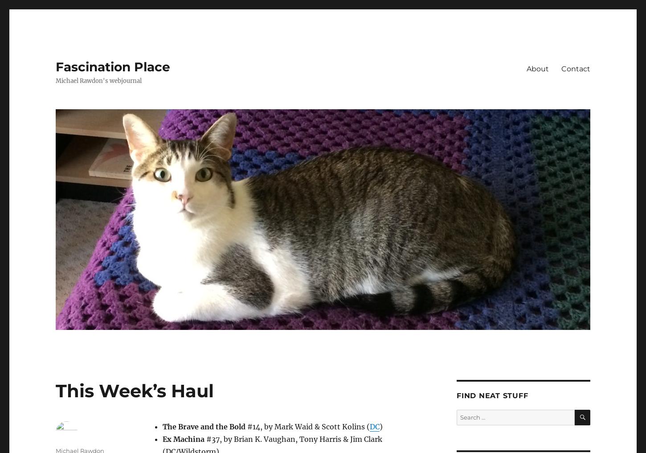  What do you see at coordinates (492, 395) in the screenshot?
I see `'Find Neat Stuff'` at bounding box center [492, 395].